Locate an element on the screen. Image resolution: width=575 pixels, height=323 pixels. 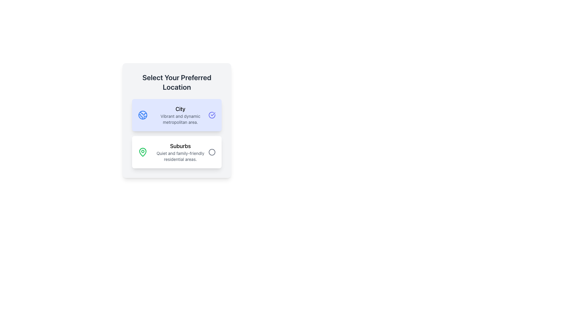
the SVG Circle Element that visually represents the globe icon for the 'City' selection option is located at coordinates (142, 115).